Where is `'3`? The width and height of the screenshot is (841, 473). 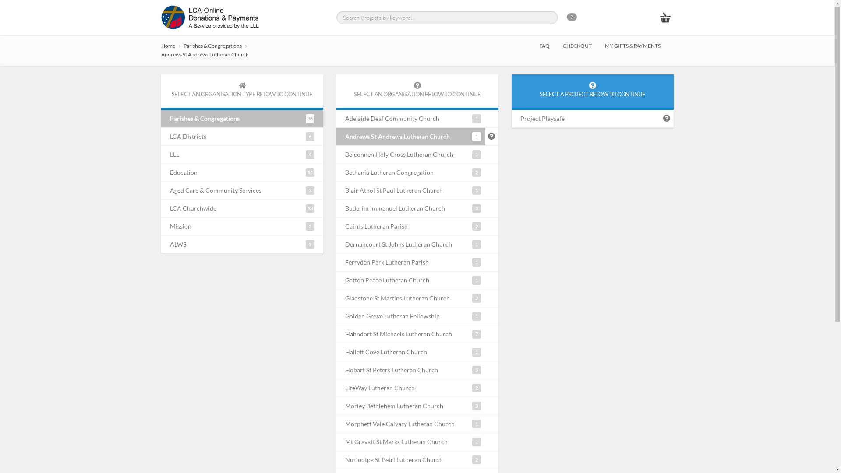
'3 is located at coordinates (410, 370).